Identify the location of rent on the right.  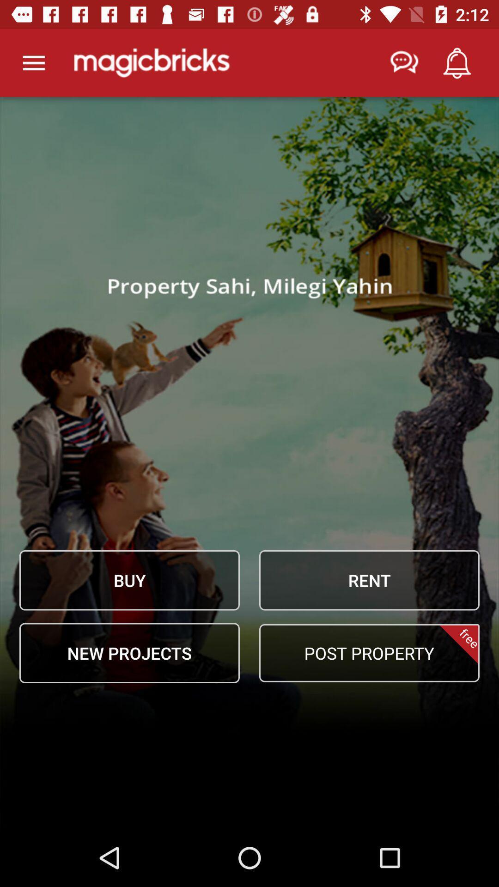
(369, 580).